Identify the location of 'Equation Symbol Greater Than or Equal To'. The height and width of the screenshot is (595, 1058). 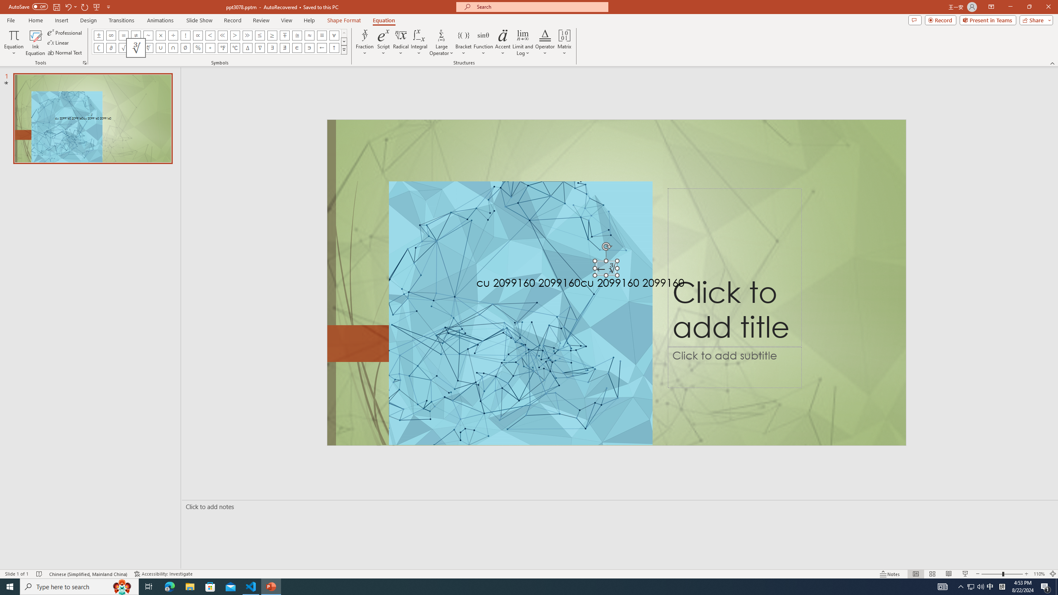
(272, 35).